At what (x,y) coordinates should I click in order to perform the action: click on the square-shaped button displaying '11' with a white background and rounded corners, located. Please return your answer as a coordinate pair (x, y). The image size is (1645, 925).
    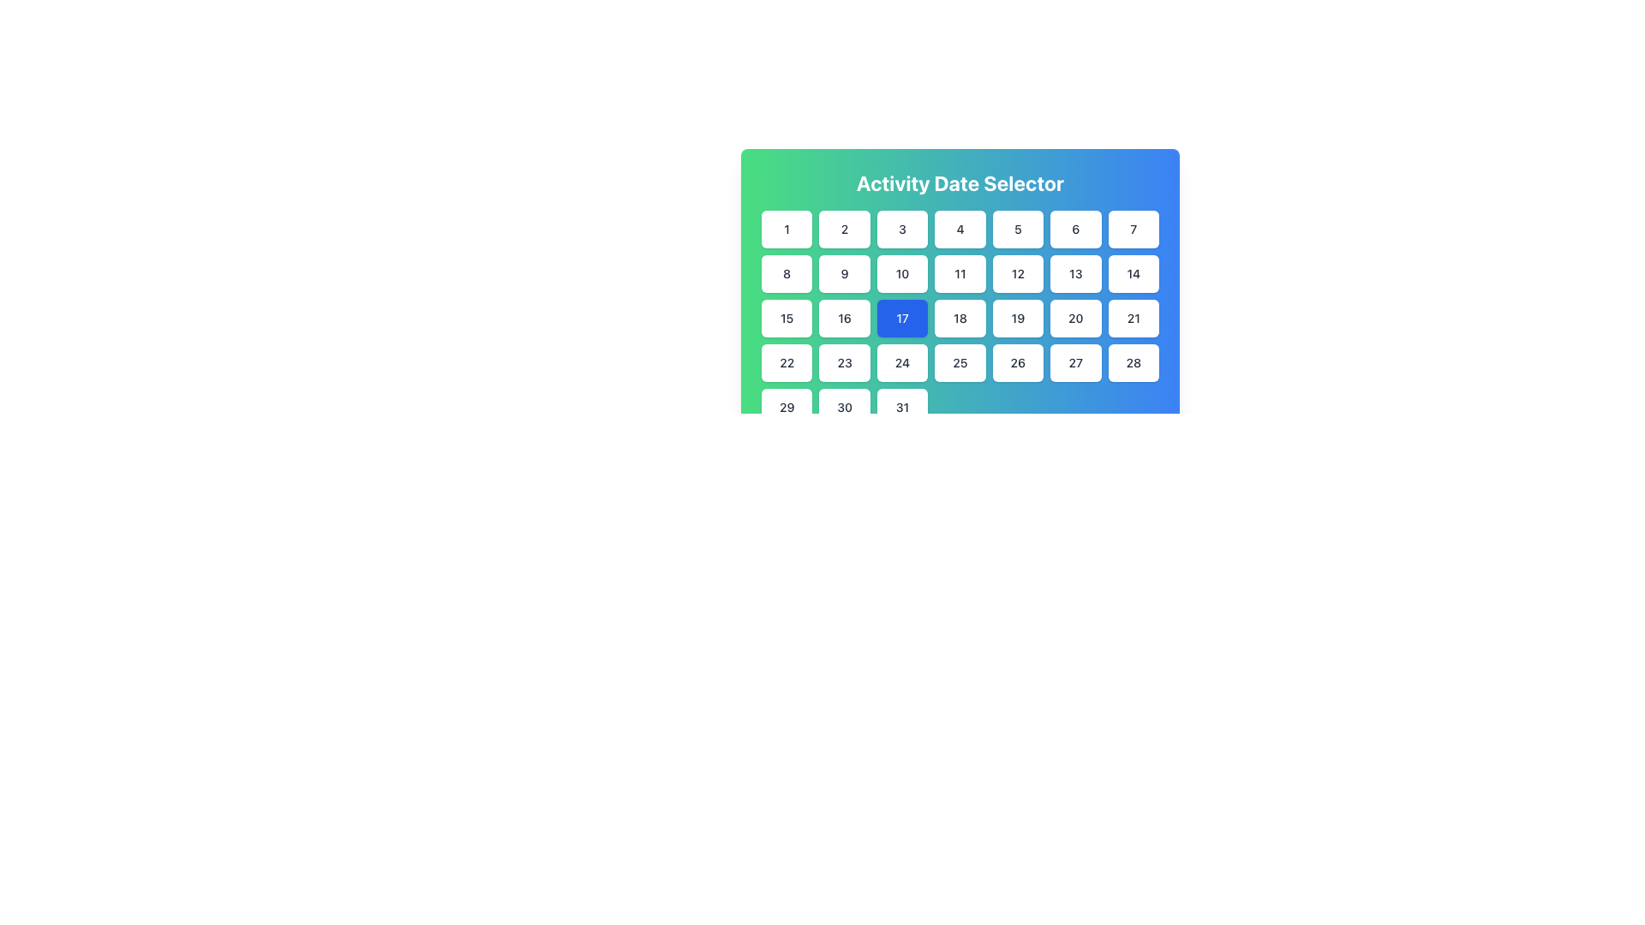
    Looking at the image, I should click on (960, 273).